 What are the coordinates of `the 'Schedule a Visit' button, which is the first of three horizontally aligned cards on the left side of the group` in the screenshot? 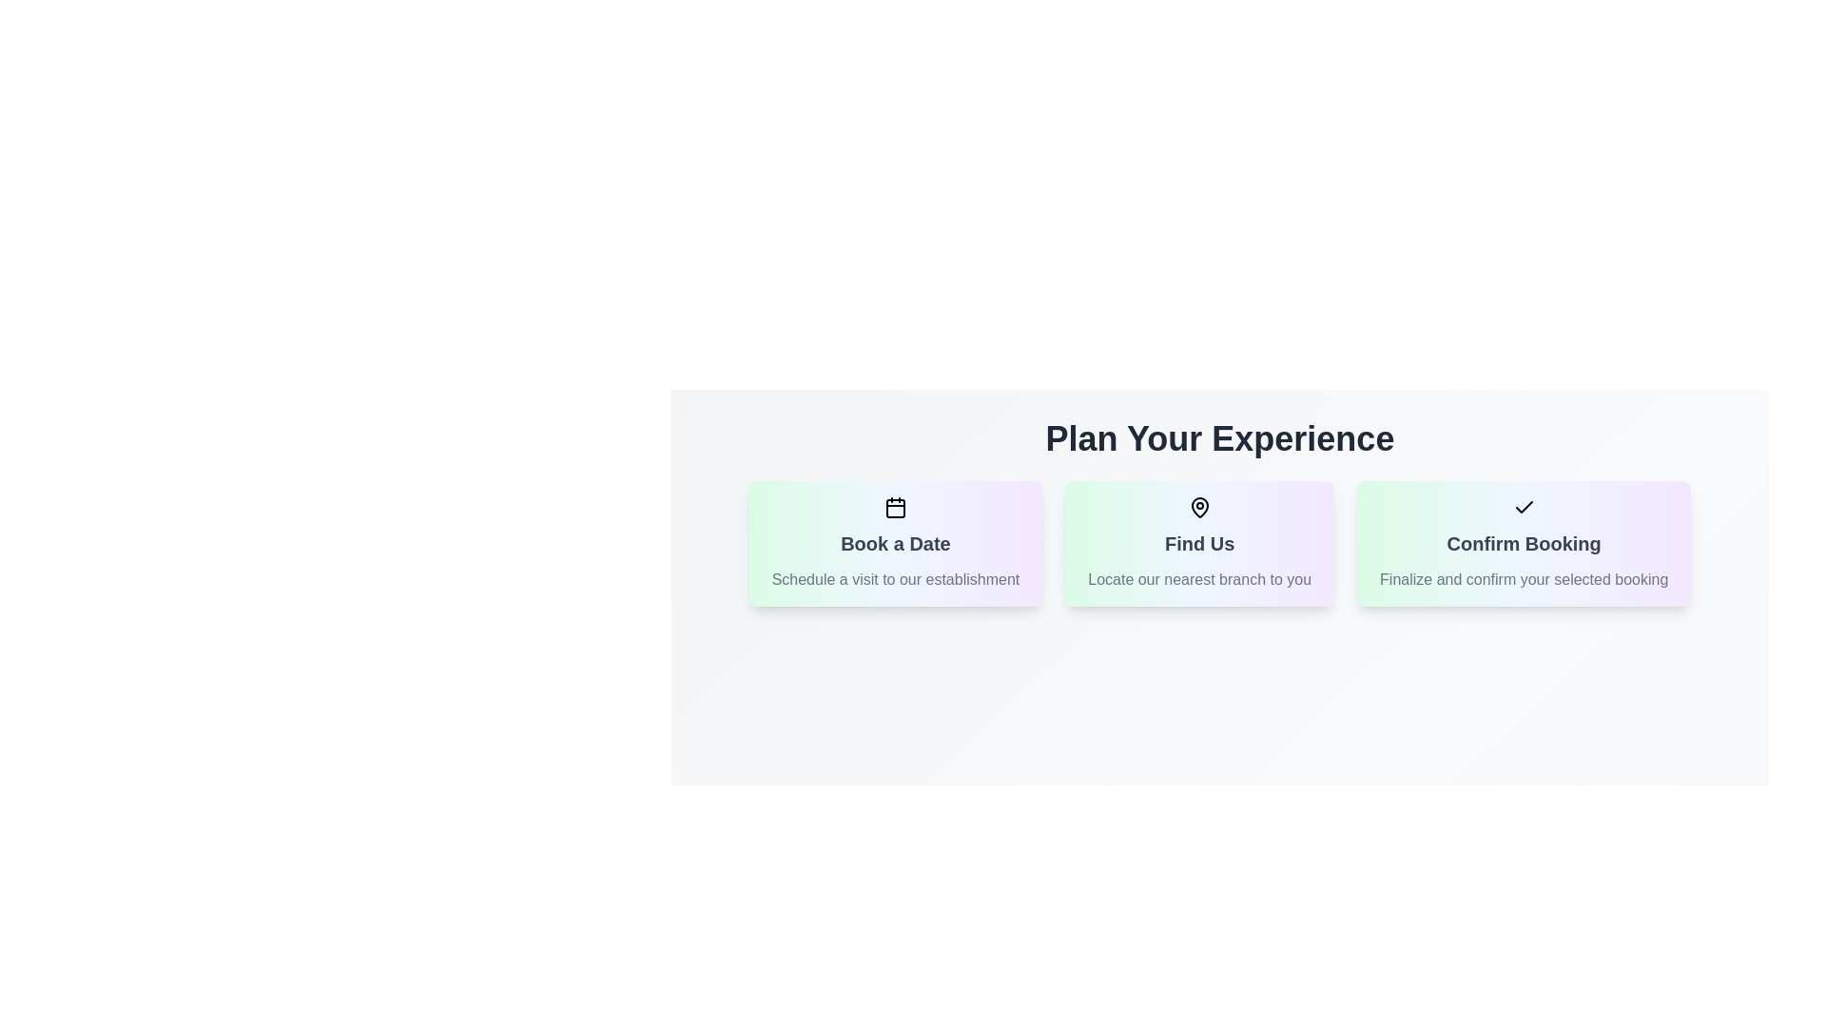 It's located at (894, 543).